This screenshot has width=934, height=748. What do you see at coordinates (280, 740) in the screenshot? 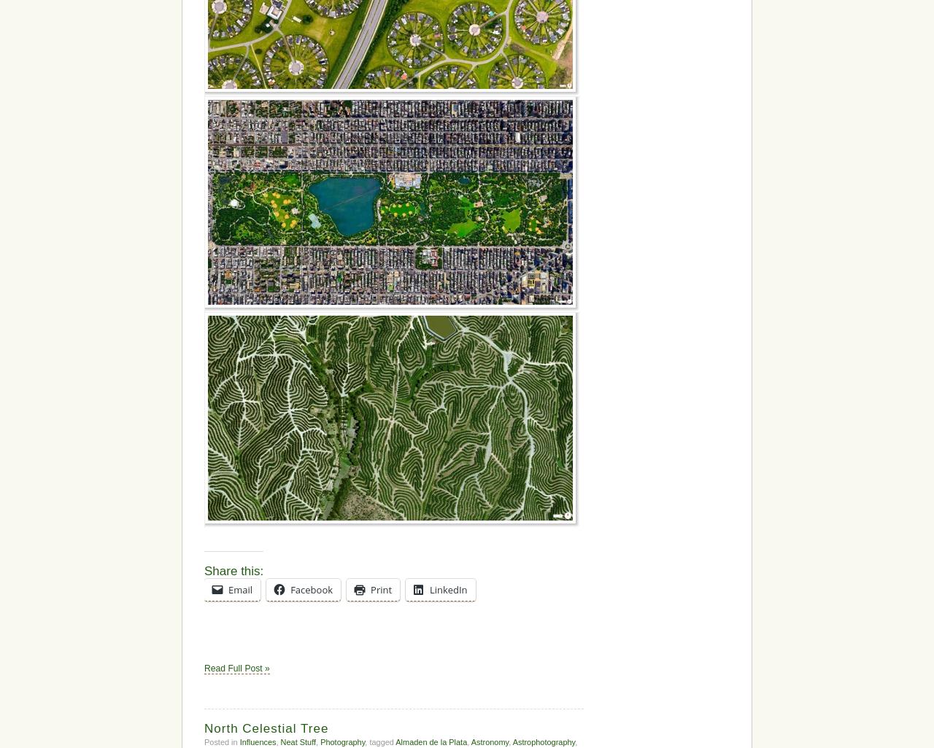
I see `'Neat Stuff'` at bounding box center [280, 740].